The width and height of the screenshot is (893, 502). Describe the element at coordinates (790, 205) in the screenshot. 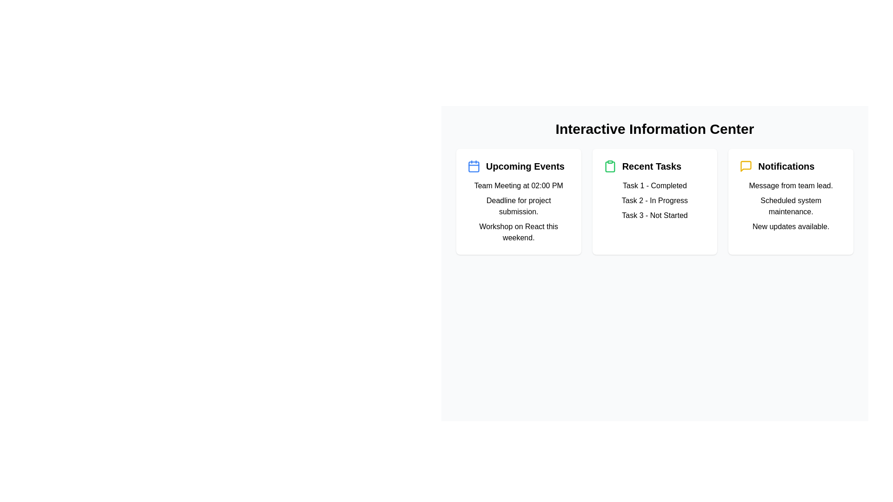

I see `messages in the vertically-aligned text list located in the lower section of the 'Notifications' card, which includes 'Message from team lead.', 'Scheduled system maintenance.', and 'New updates available.'` at that location.